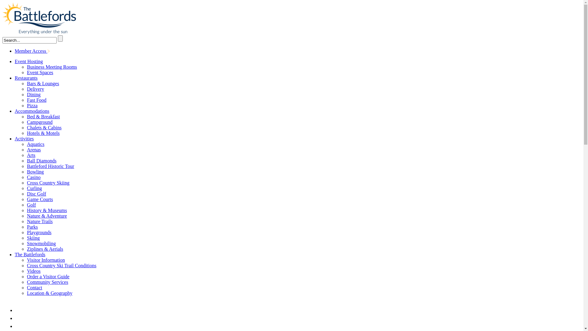 This screenshot has height=331, width=588. Describe the element at coordinates (26, 238) in the screenshot. I see `'Skiing'` at that location.